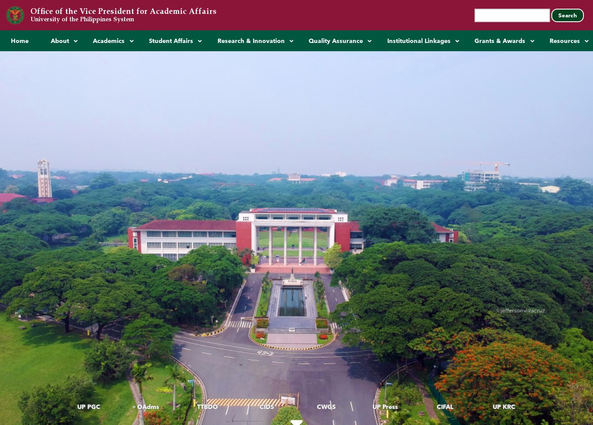  Describe the element at coordinates (444, 406) in the screenshot. I see `'CIFAL'` at that location.